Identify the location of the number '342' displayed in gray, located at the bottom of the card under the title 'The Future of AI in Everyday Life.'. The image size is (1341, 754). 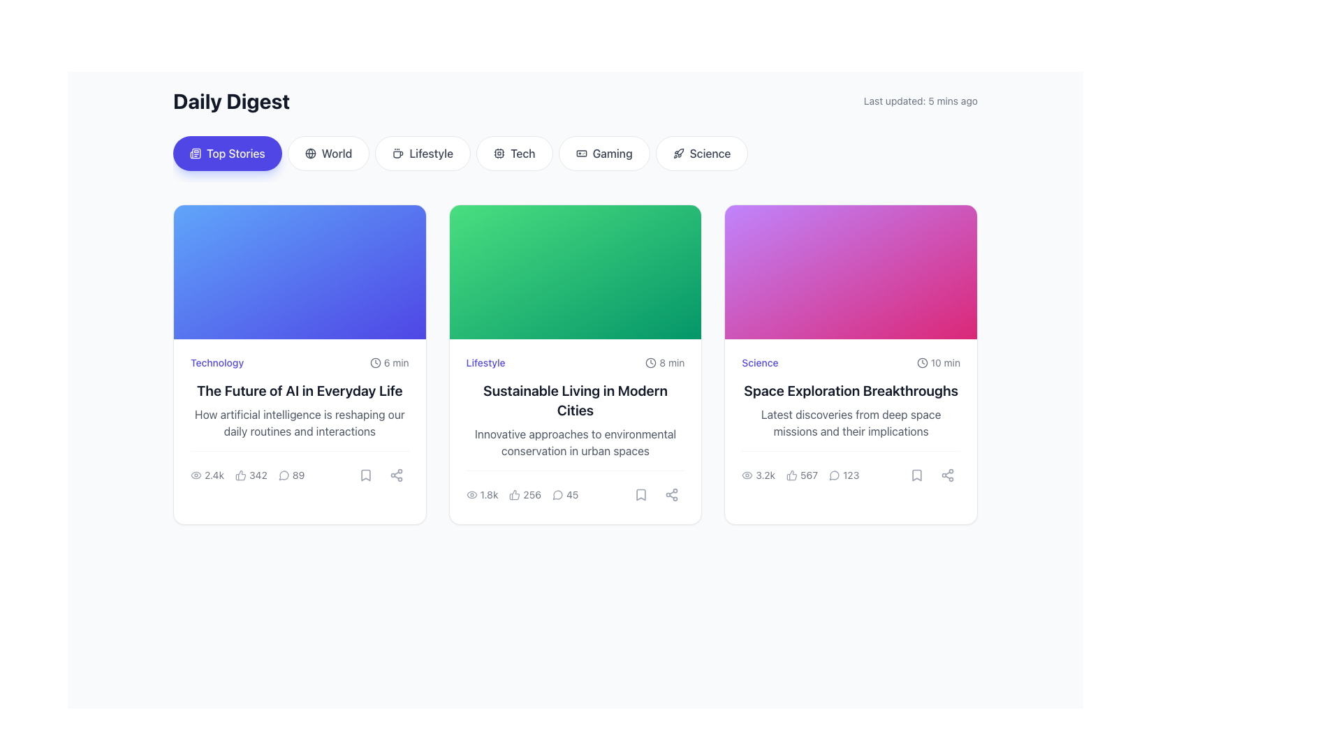
(258, 475).